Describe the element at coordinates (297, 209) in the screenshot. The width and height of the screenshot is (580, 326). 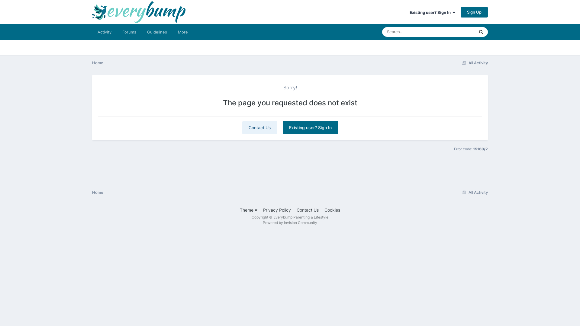
I see `'Contact Us'` at that location.